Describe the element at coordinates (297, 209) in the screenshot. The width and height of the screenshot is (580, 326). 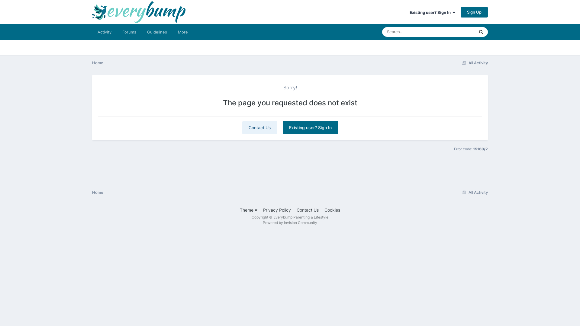
I see `'Contact Us'` at that location.